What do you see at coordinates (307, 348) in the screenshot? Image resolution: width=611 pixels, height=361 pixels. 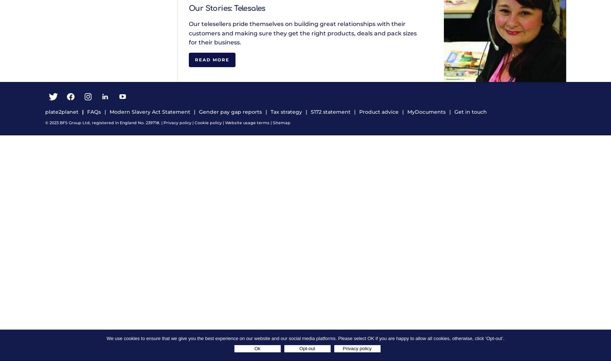 I see `'Opt-out'` at bounding box center [307, 348].